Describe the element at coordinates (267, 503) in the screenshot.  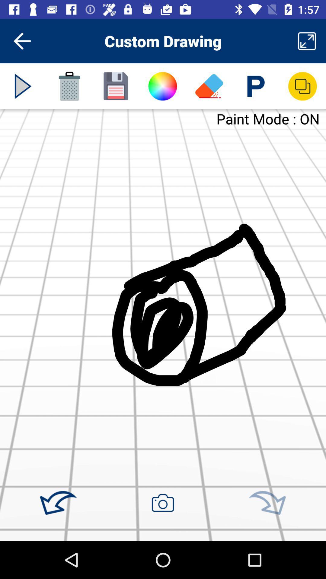
I see `redo step` at that location.